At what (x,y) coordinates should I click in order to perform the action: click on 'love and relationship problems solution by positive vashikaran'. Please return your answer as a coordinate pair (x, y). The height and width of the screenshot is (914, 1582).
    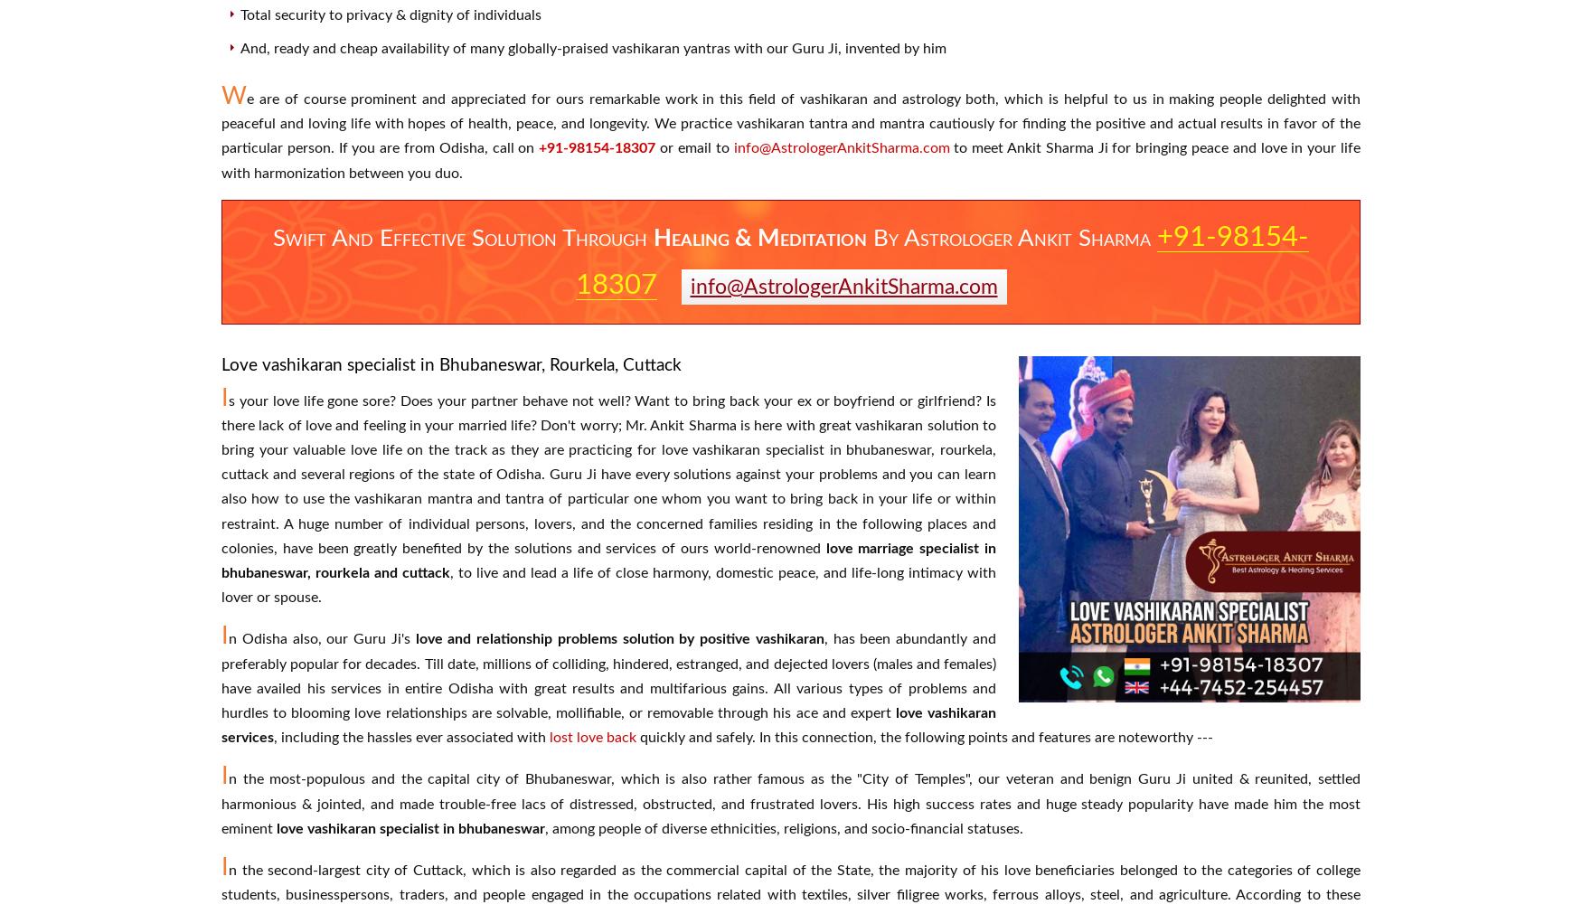
    Looking at the image, I should click on (617, 637).